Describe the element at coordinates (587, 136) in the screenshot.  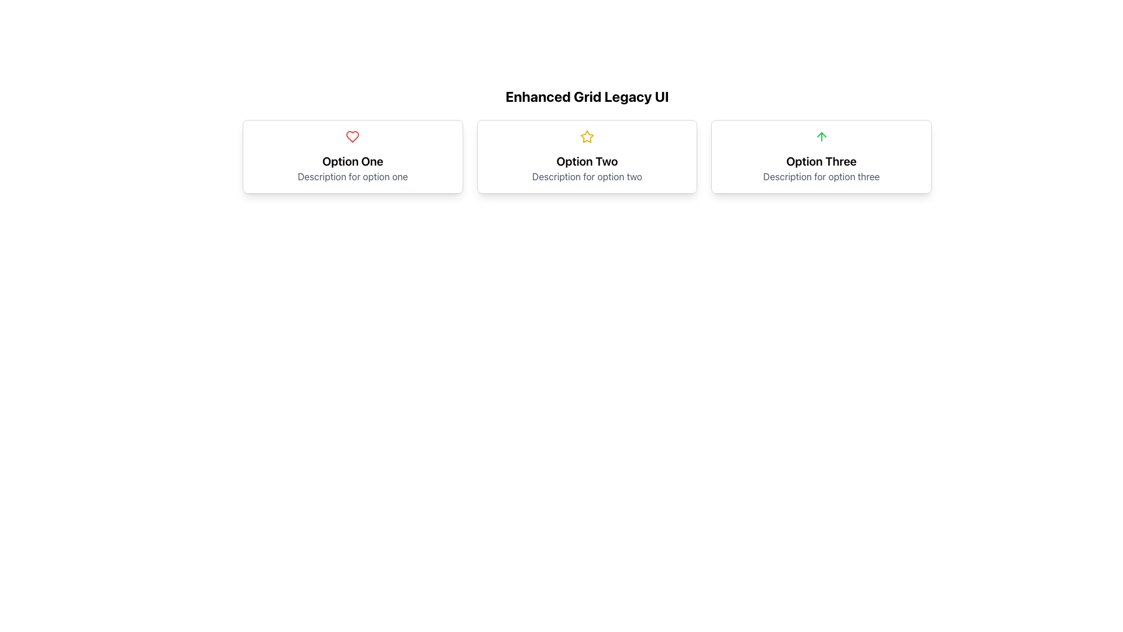
I see `the rating or favorite icon located centrally within the 'Option Two' card` at that location.